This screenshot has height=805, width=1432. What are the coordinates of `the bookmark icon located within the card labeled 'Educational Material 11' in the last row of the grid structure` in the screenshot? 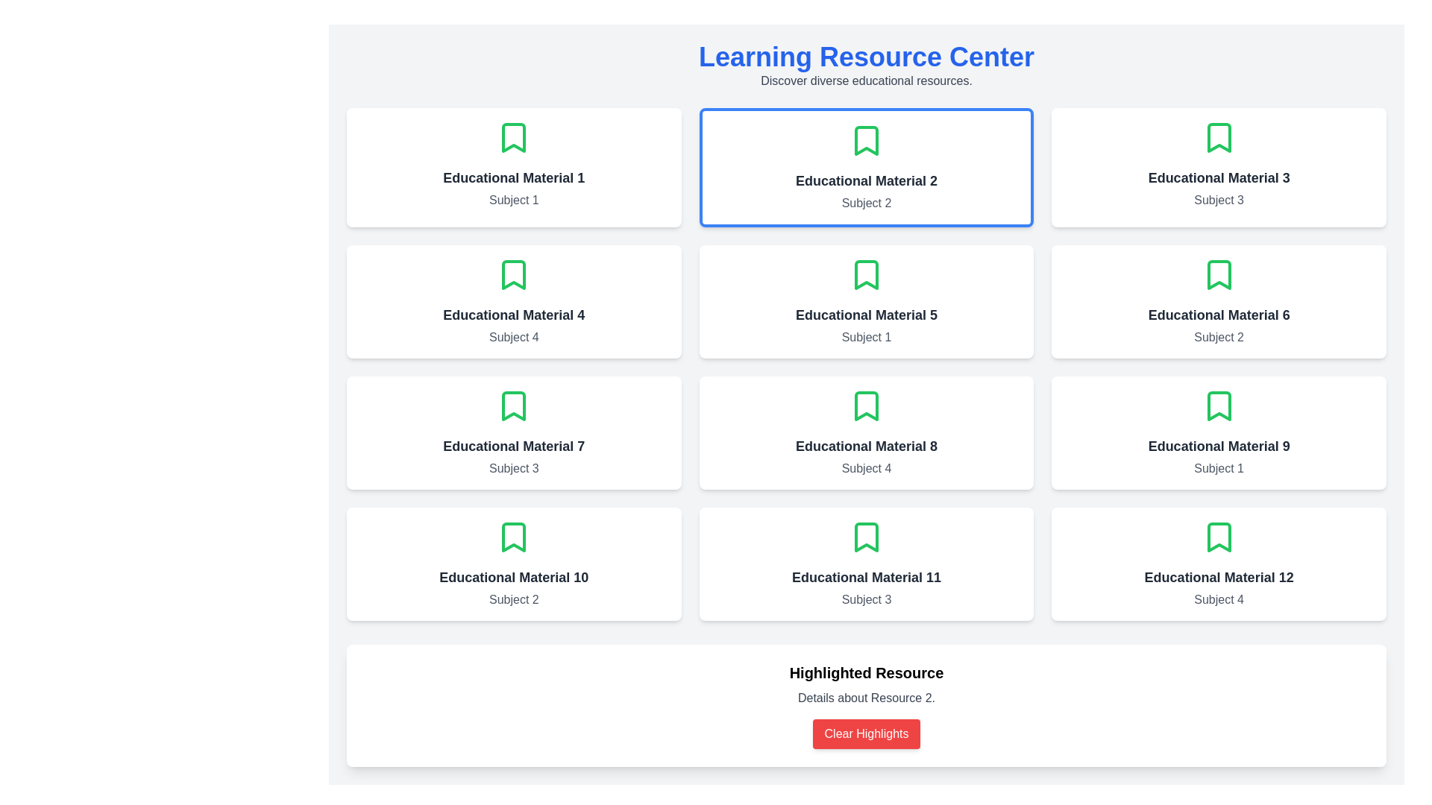 It's located at (866, 537).